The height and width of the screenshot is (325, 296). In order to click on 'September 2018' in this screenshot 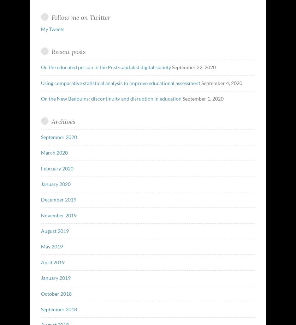, I will do `click(40, 309)`.